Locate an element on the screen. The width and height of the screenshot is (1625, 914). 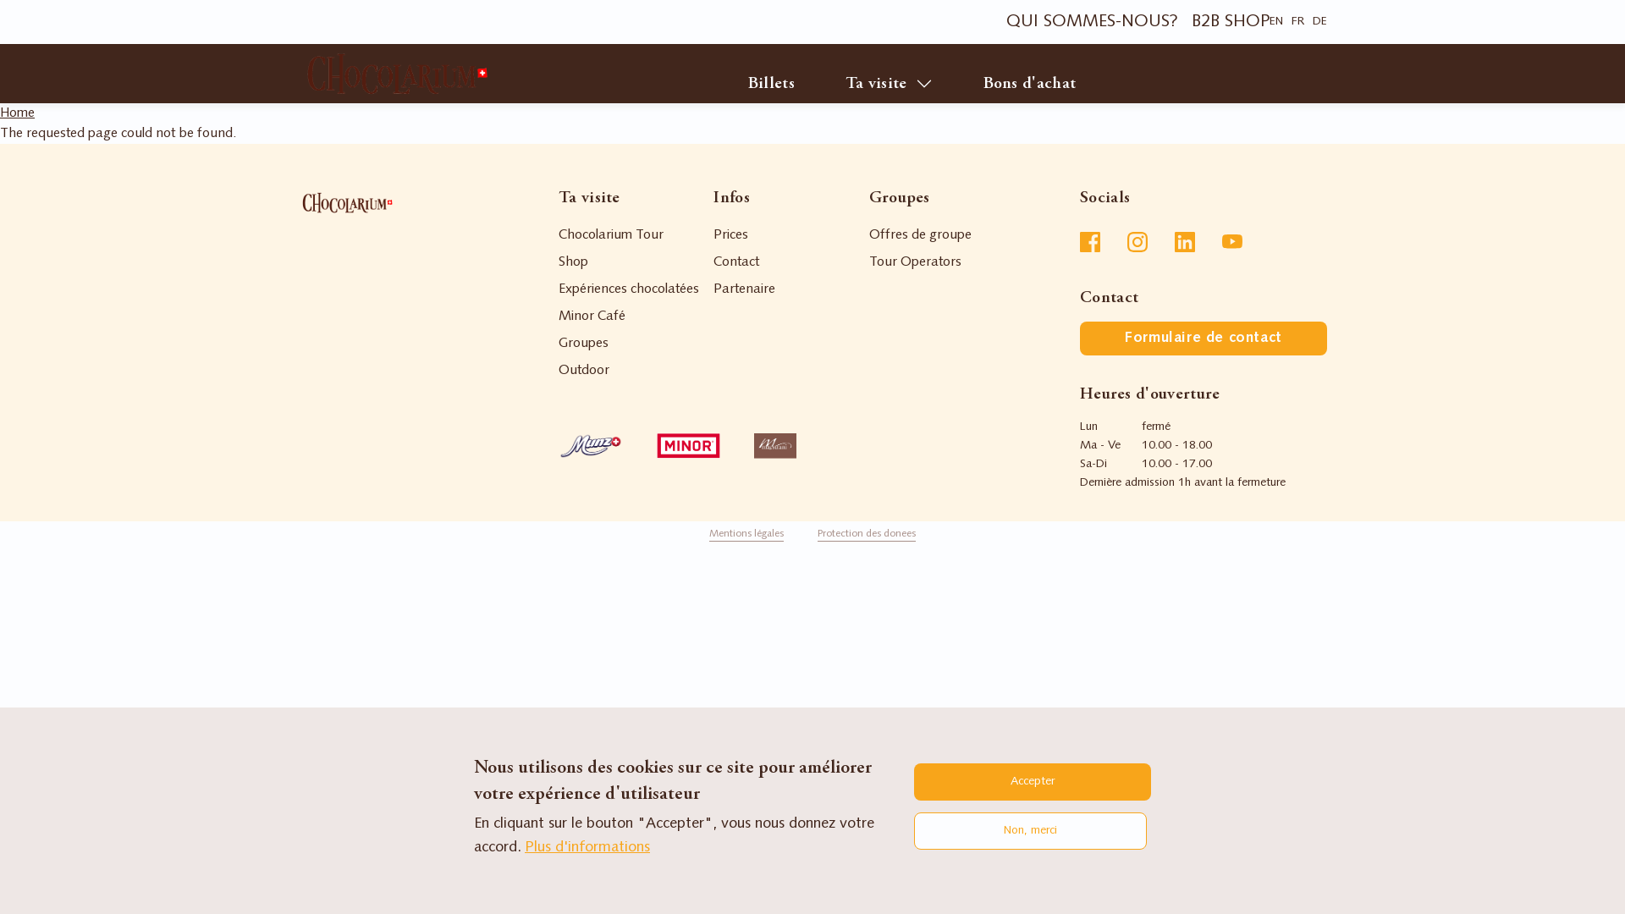
'Home' is located at coordinates (17, 113).